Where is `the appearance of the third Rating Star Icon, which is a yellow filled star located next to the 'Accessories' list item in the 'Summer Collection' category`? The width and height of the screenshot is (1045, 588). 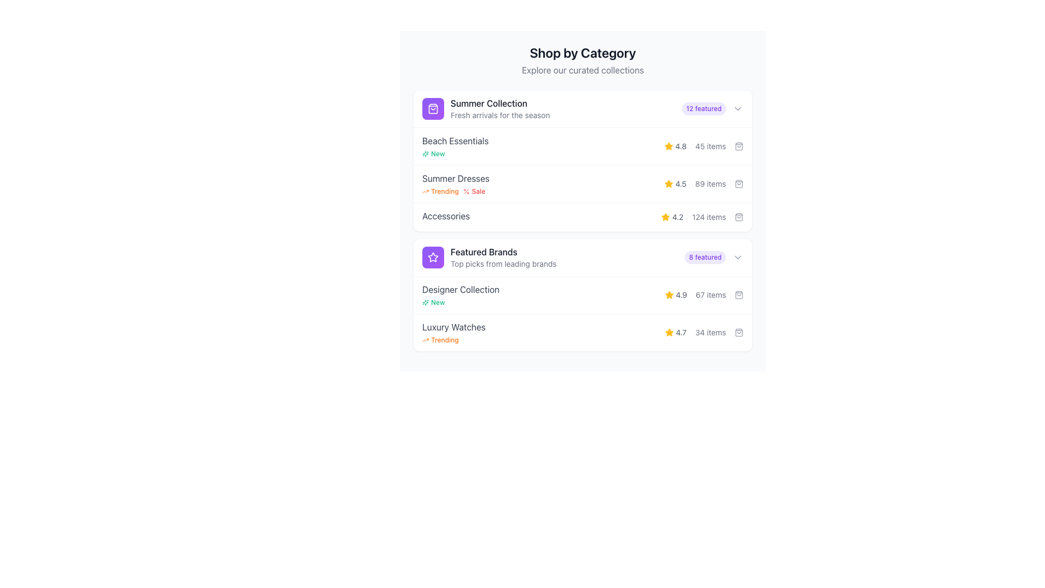
the appearance of the third Rating Star Icon, which is a yellow filled star located next to the 'Accessories' list item in the 'Summer Collection' category is located at coordinates (665, 217).